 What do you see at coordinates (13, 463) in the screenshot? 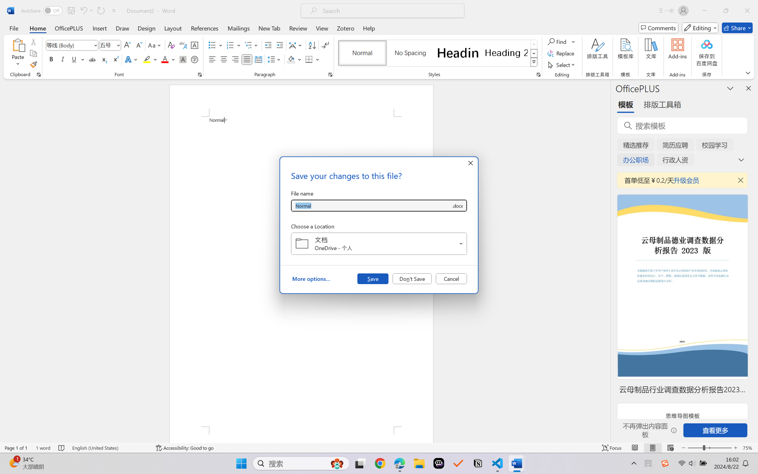
I see `'AutomationID: BadgeAnchorLargeTicker'` at bounding box center [13, 463].